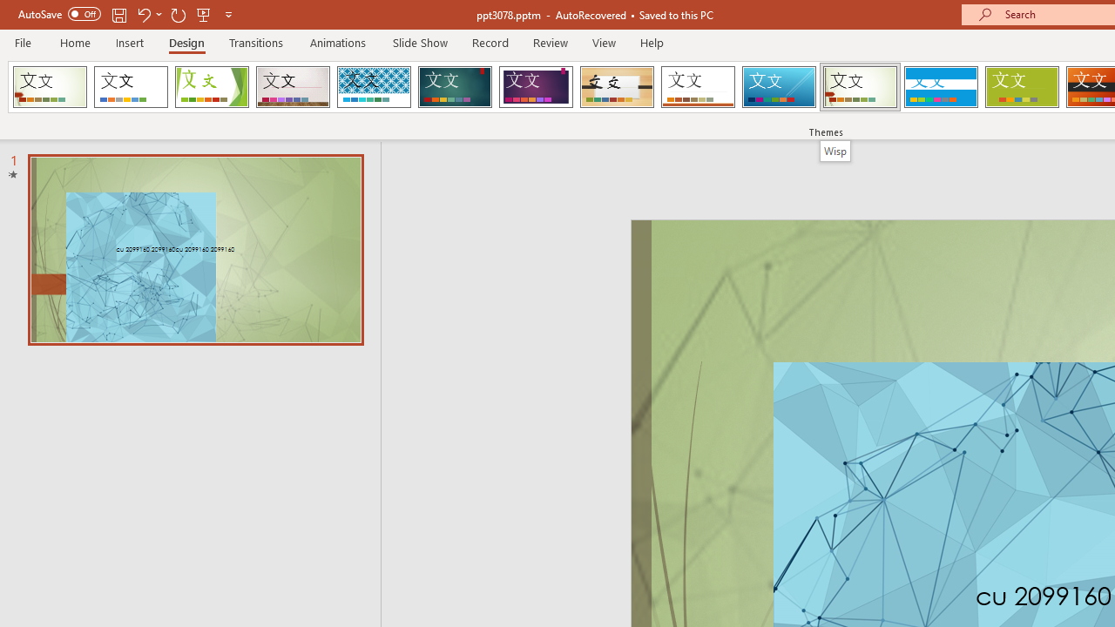 The height and width of the screenshot is (627, 1115). Describe the element at coordinates (778, 87) in the screenshot. I see `'Slice Loading Preview...'` at that location.